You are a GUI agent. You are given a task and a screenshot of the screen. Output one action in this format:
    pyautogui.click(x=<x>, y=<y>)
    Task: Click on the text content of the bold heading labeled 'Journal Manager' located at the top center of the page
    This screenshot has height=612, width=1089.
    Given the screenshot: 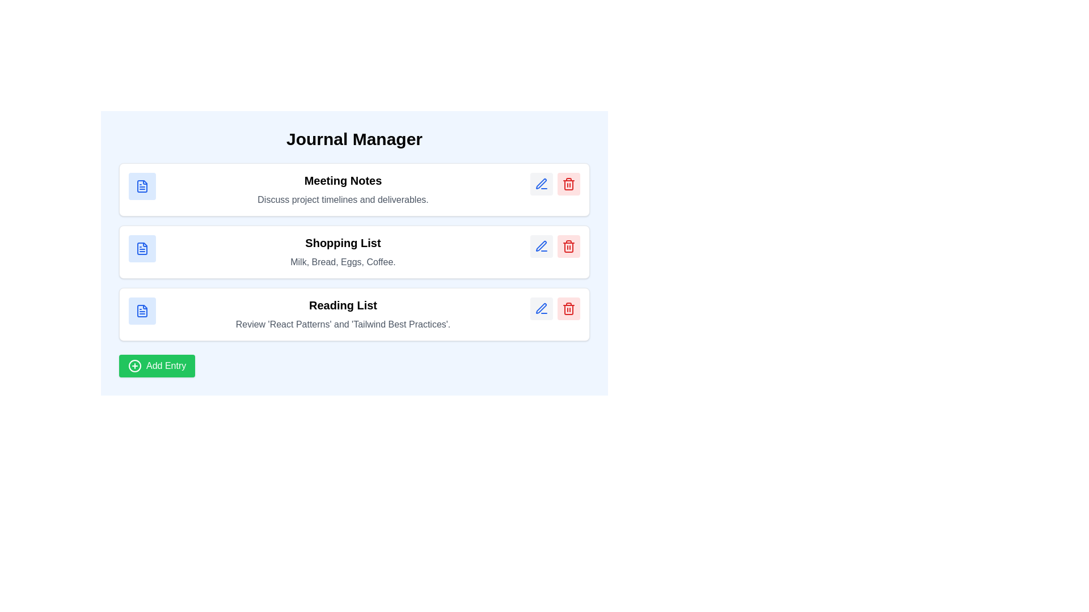 What is the action you would take?
    pyautogui.click(x=353, y=139)
    